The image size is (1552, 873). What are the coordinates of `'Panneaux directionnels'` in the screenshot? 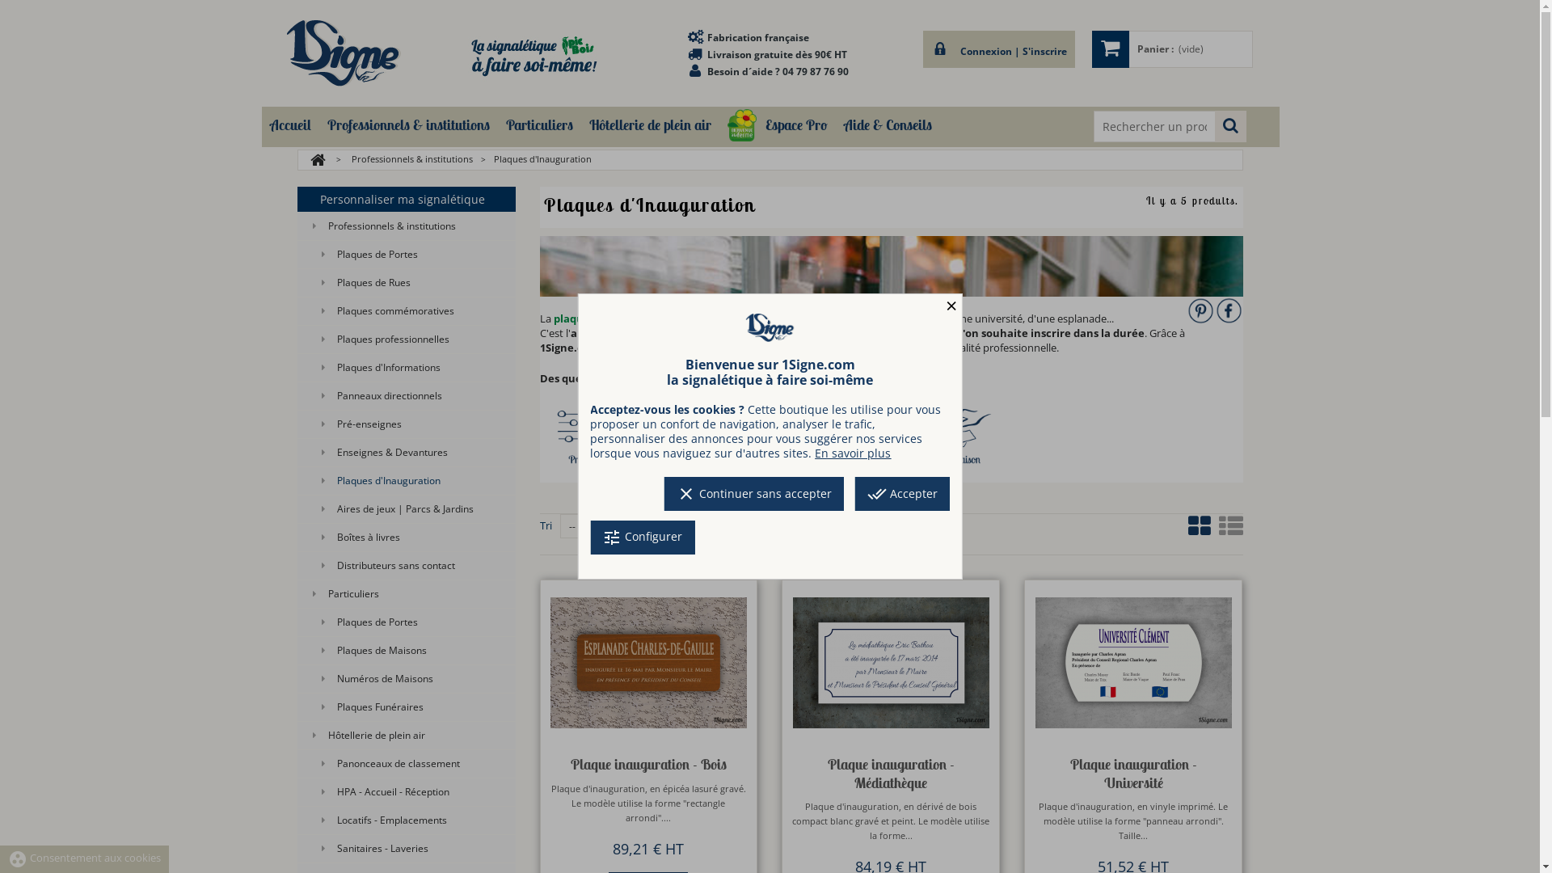 It's located at (407, 395).